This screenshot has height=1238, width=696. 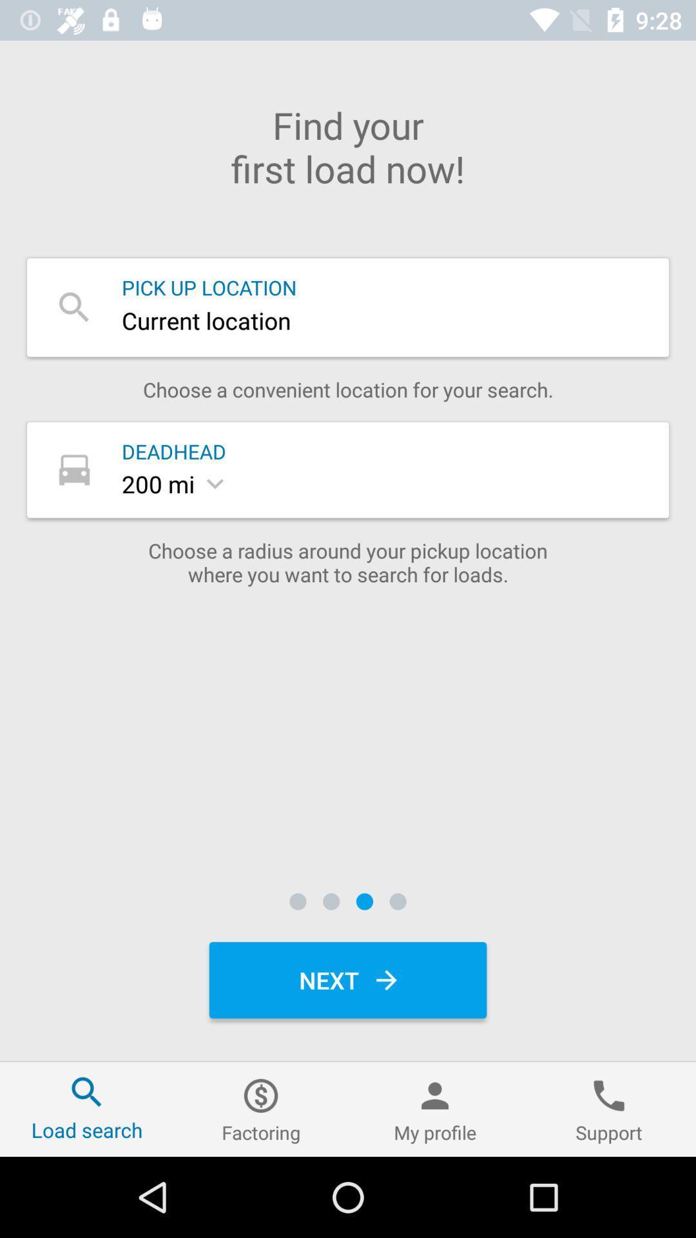 I want to click on the icon at the bottom left corner, so click(x=87, y=1108).